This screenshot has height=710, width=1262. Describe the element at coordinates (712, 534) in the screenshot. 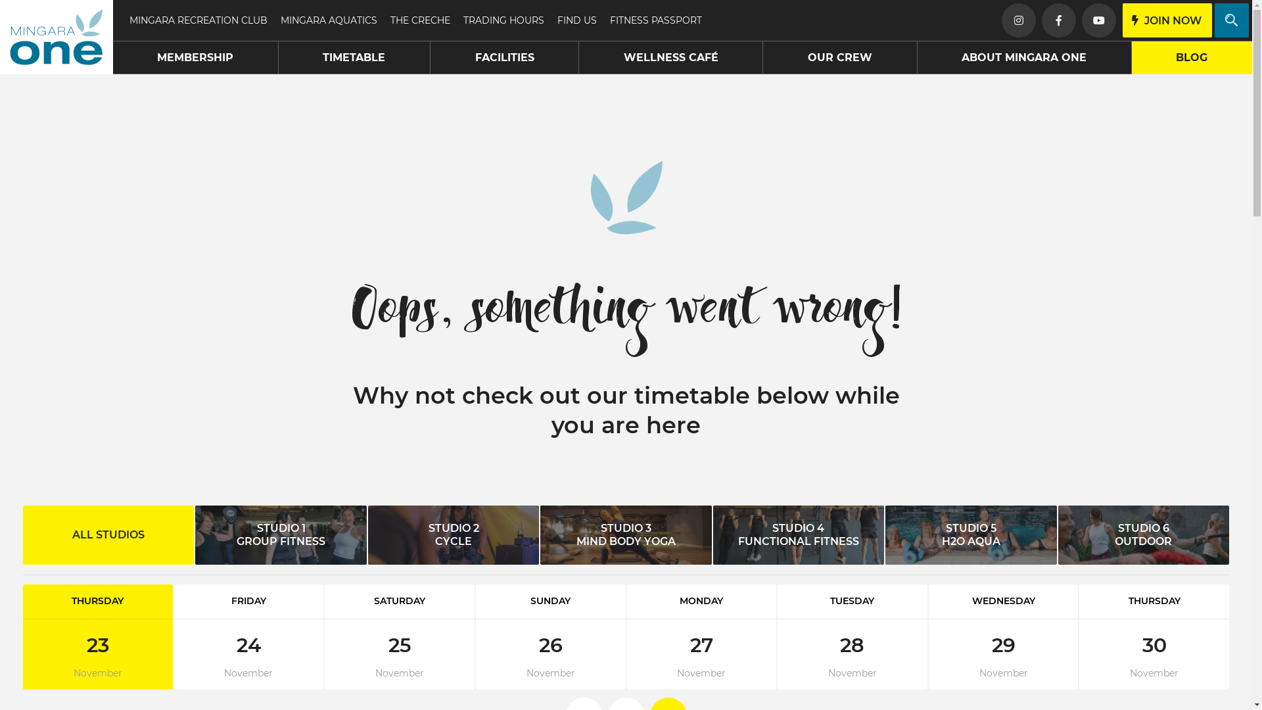

I see `'STUDIO 4` at that location.